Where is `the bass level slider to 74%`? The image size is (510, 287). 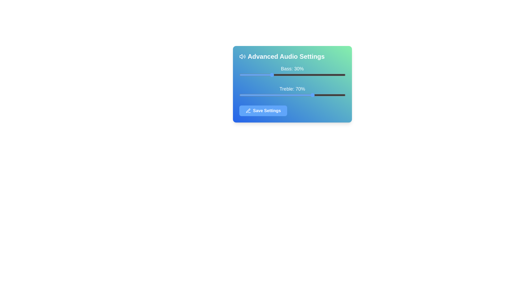
the bass level slider to 74% is located at coordinates (318, 75).